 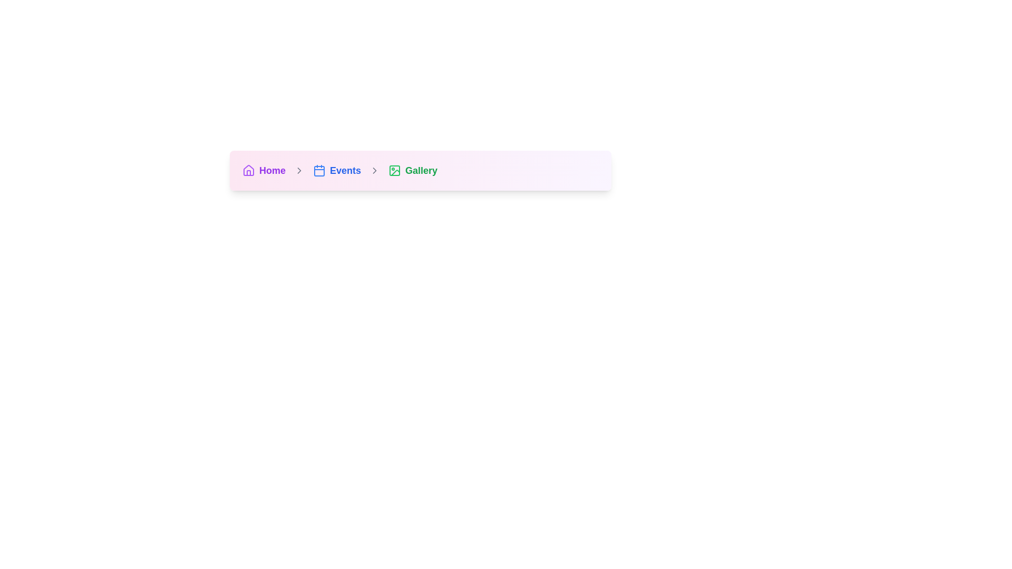 I want to click on the SVG graphical element representing the 'Gallery' breadcrumb for navigation, so click(x=395, y=172).